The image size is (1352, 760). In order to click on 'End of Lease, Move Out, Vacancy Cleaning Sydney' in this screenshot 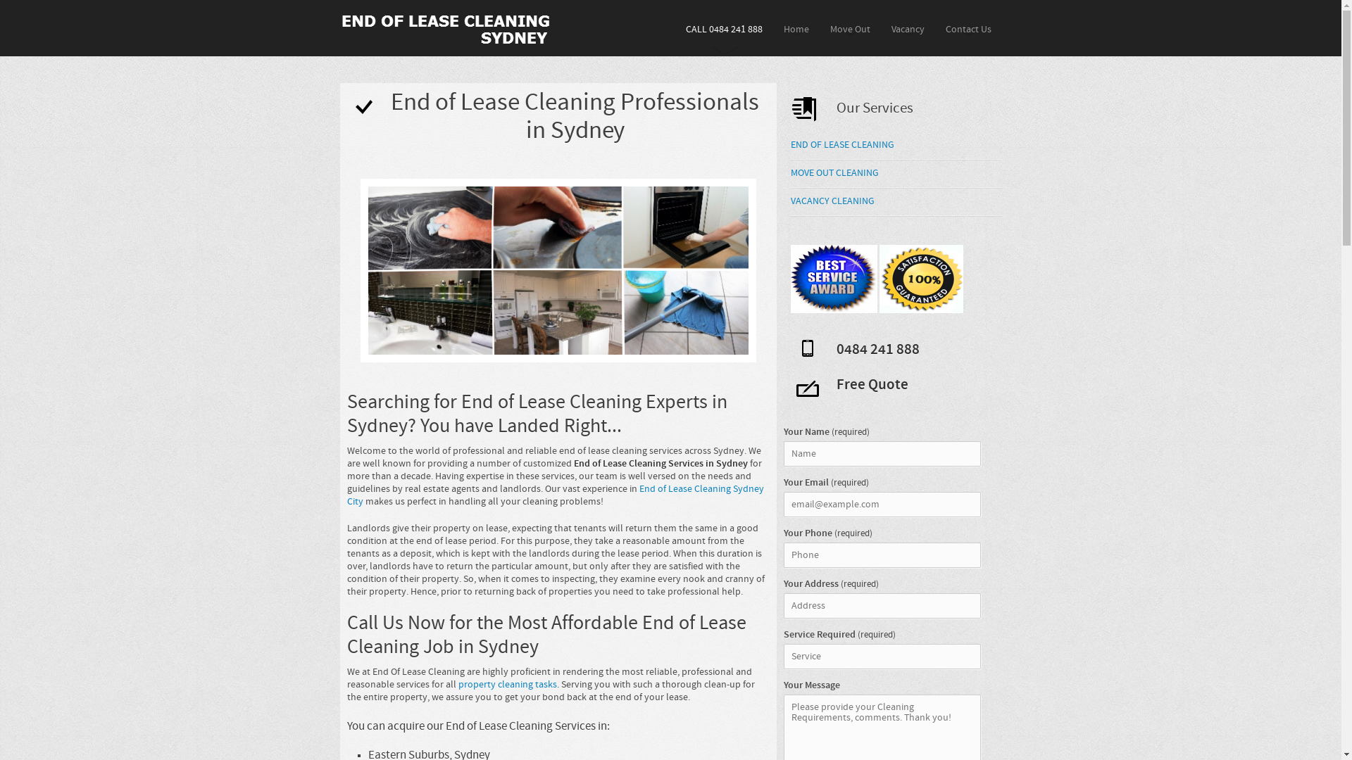, I will do `click(444, 30)`.